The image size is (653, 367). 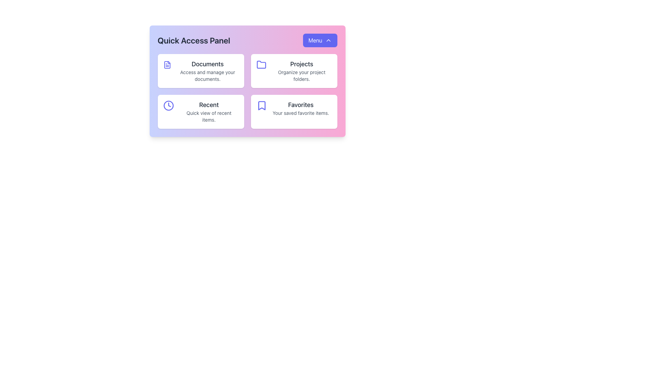 I want to click on the 'Projects' Text Label that serves as a heading for the projects section, which is positioned above the description 'Organize your project folders.', so click(x=301, y=64).